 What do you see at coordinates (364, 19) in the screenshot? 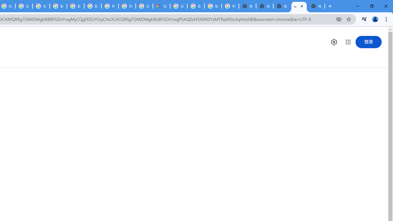
I see `'Control your music, videos, and more'` at bounding box center [364, 19].